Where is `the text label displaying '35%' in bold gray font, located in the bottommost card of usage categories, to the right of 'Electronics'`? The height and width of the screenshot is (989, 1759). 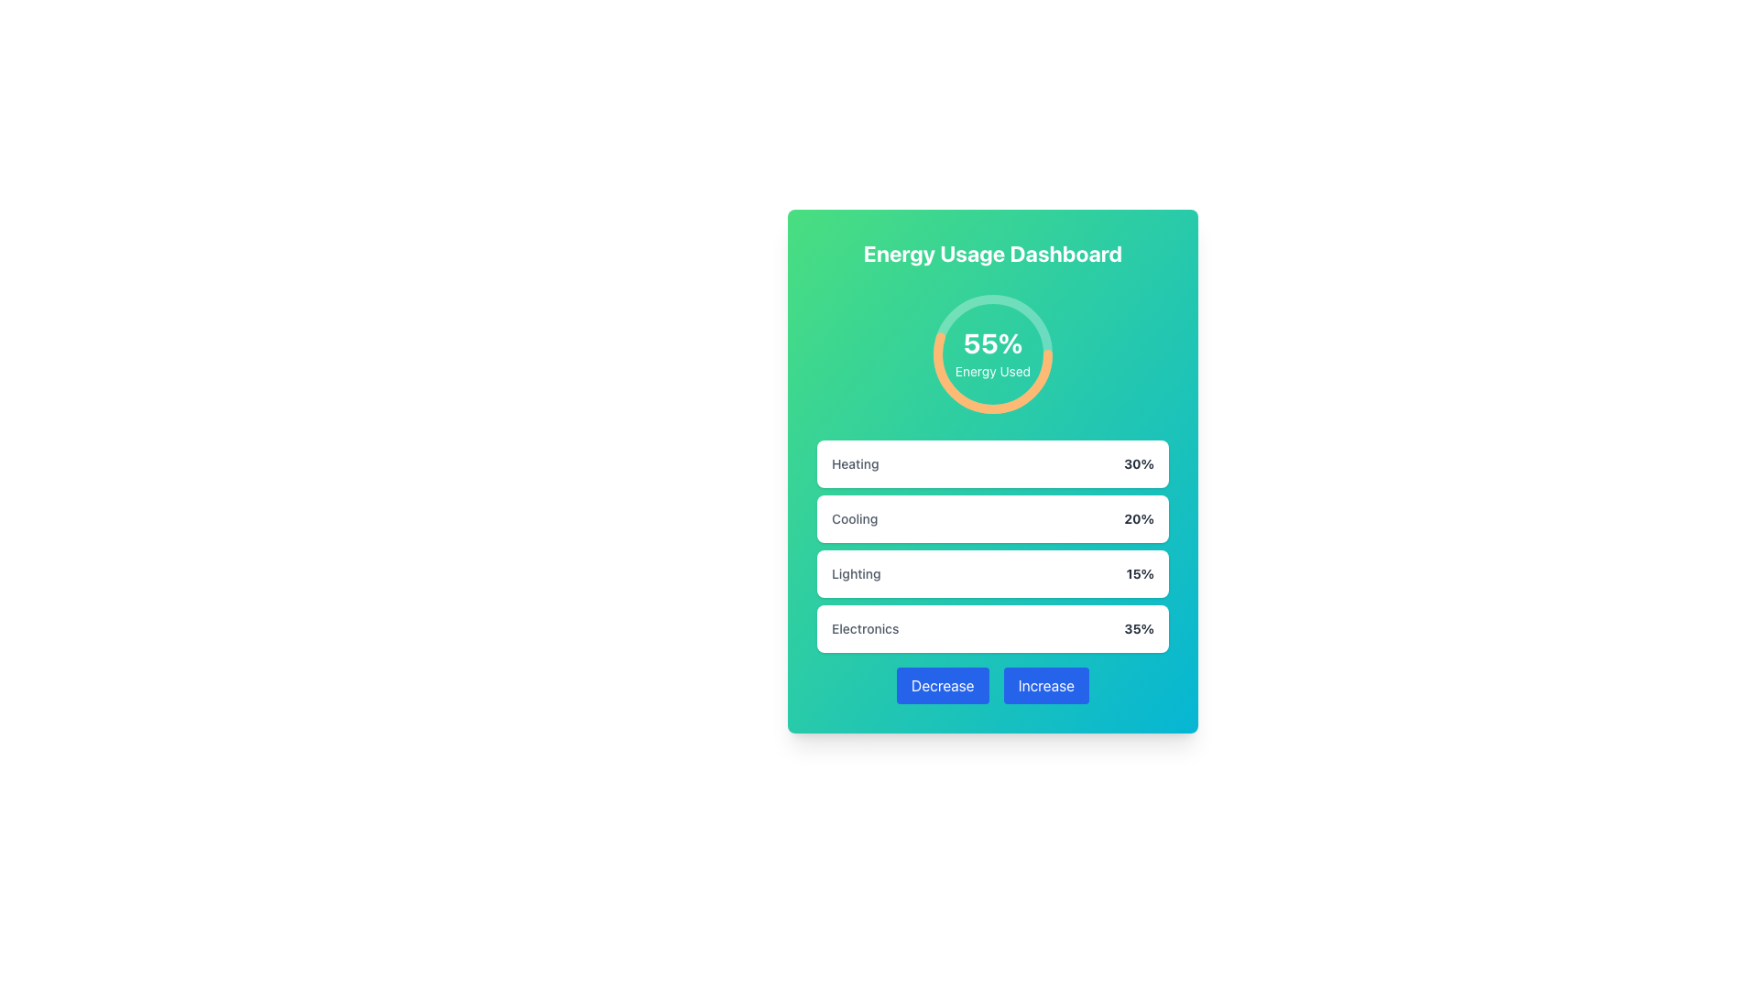
the text label displaying '35%' in bold gray font, located in the bottommost card of usage categories, to the right of 'Electronics' is located at coordinates (1138, 627).